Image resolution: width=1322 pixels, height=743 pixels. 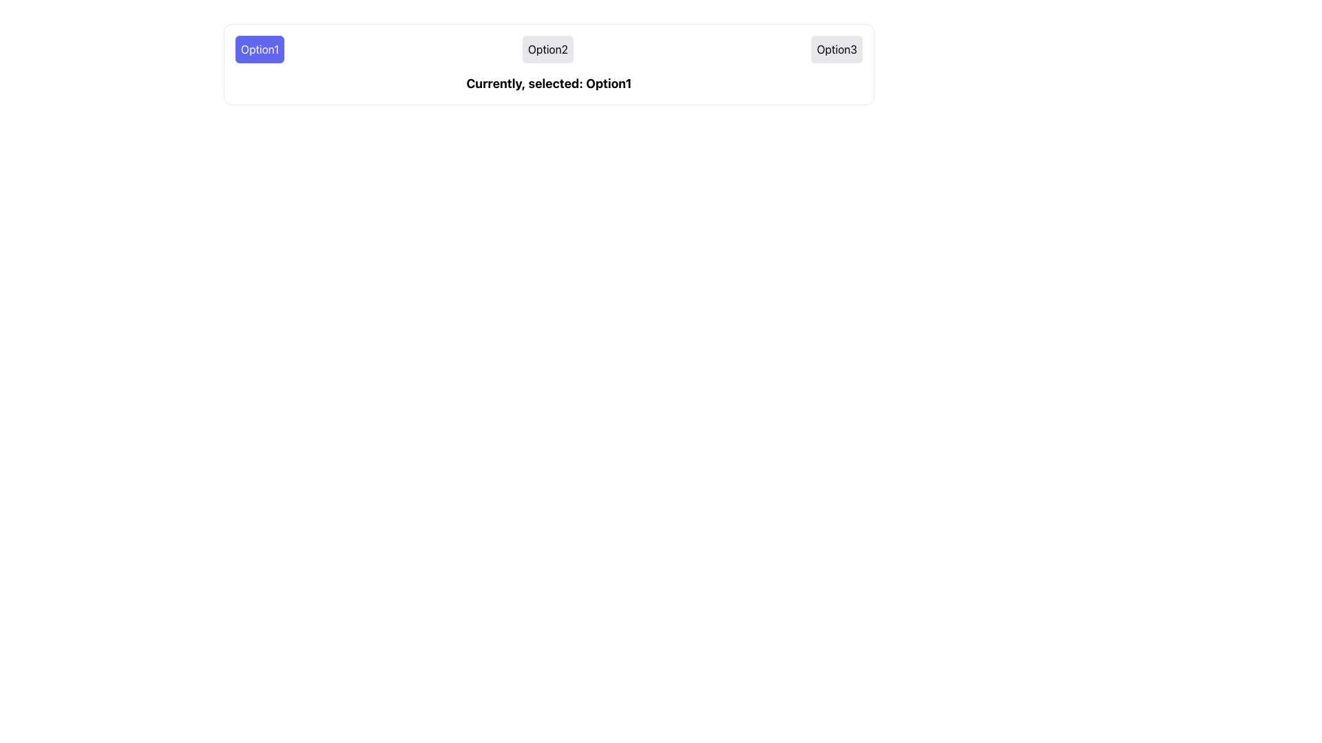 I want to click on the Text Label that communicates the currently selected option, located below the horizontal group of options 'Option1', 'Option2', and 'Option3', so click(x=548, y=84).